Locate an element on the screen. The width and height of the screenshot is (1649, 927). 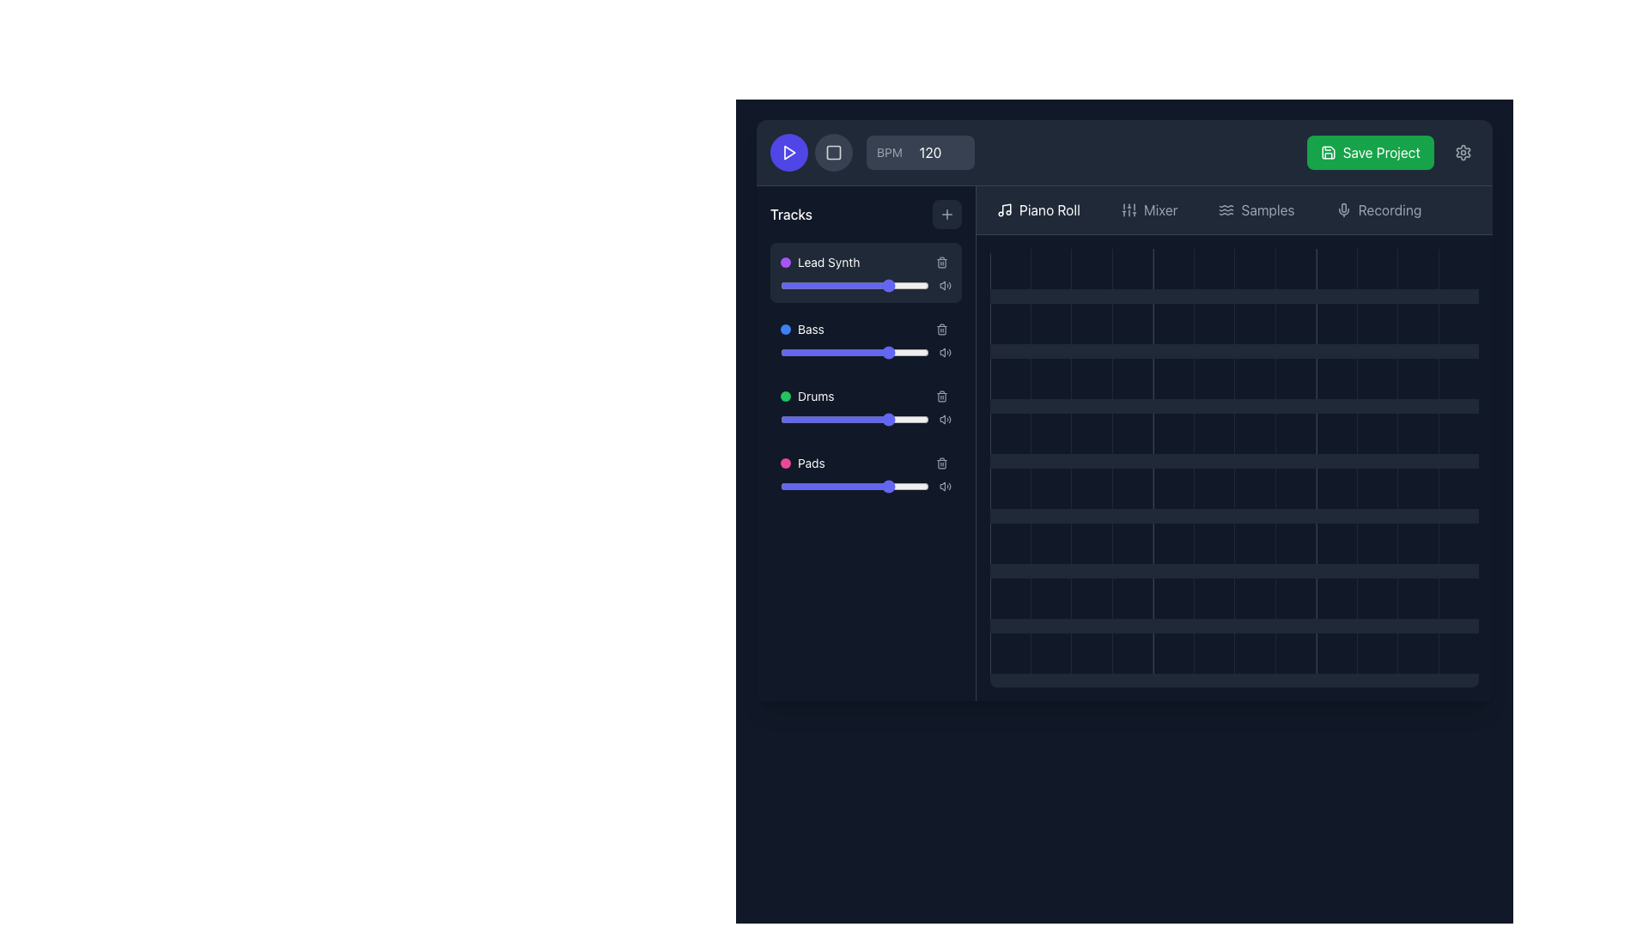
the delete icon button located in the 'Bass' section of the track controls is located at coordinates (941, 330).